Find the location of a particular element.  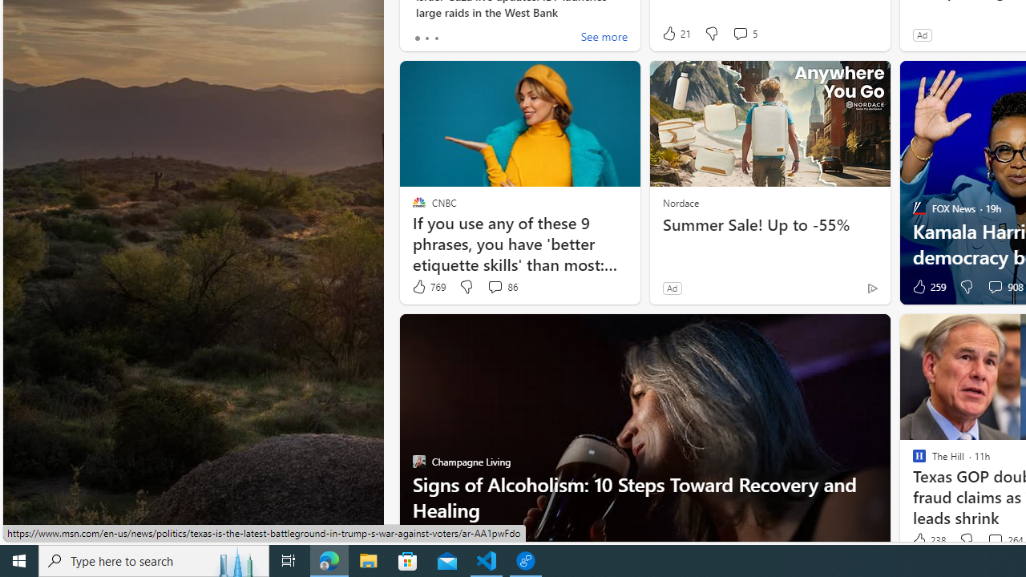

'View comments 5 Comment' is located at coordinates (744, 34).